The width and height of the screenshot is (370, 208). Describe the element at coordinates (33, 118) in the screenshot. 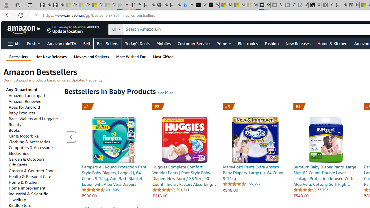

I see `'Bags, Wallets and Luggage'` at that location.